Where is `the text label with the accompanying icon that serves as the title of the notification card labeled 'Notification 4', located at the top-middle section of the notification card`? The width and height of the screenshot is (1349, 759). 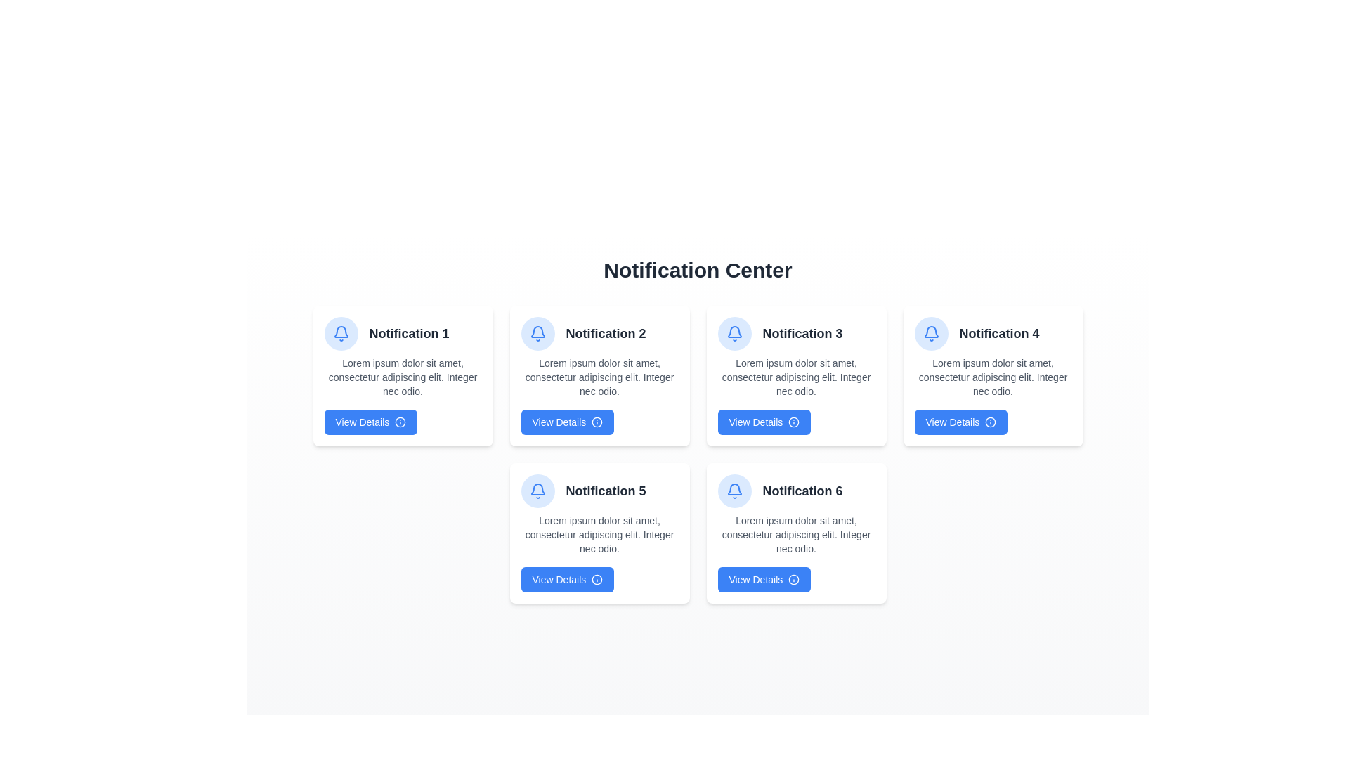 the text label with the accompanying icon that serves as the title of the notification card labeled 'Notification 4', located at the top-middle section of the notification card is located at coordinates (992, 333).